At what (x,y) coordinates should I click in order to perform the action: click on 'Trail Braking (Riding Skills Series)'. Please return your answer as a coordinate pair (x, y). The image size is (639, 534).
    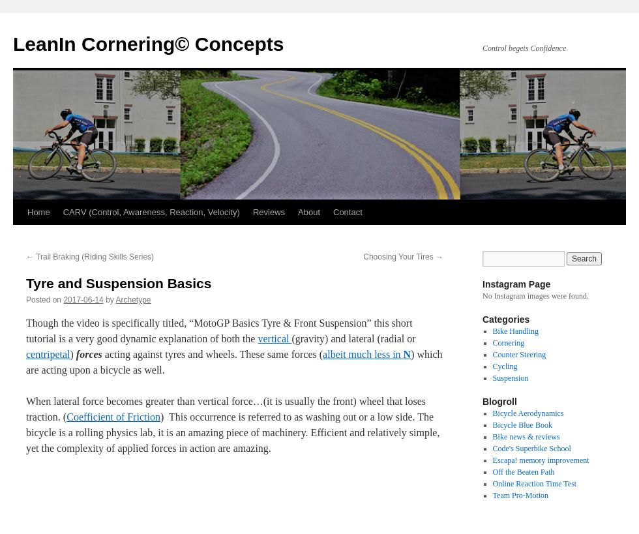
    Looking at the image, I should click on (34, 256).